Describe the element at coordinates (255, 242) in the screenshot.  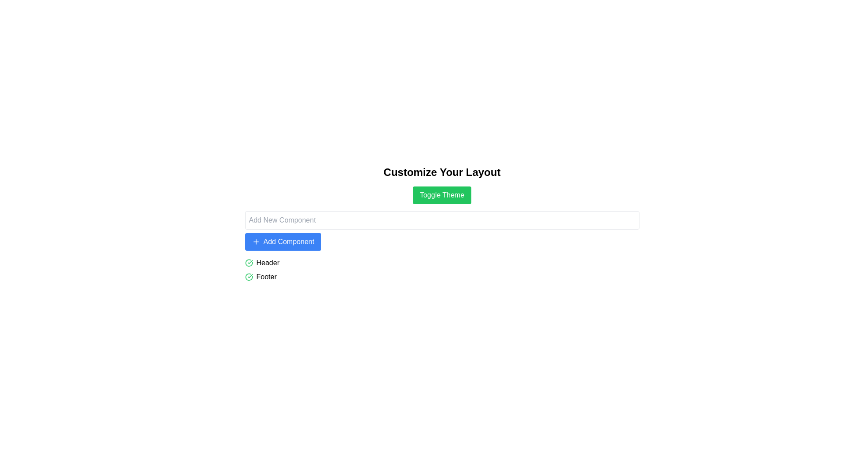
I see `the SVG plus icon located within the 'Add Component' button, which is a small icon with a stroke and round edges, positioned to the left of the button's text` at that location.